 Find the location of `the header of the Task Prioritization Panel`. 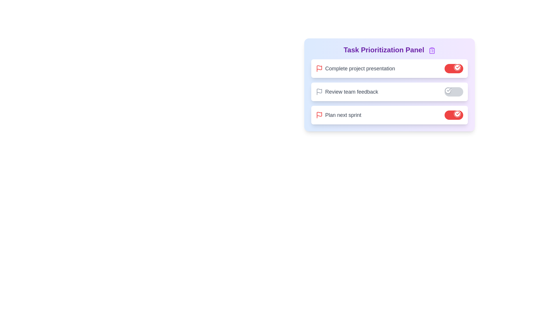

the header of the Task Prioritization Panel is located at coordinates (390, 50).